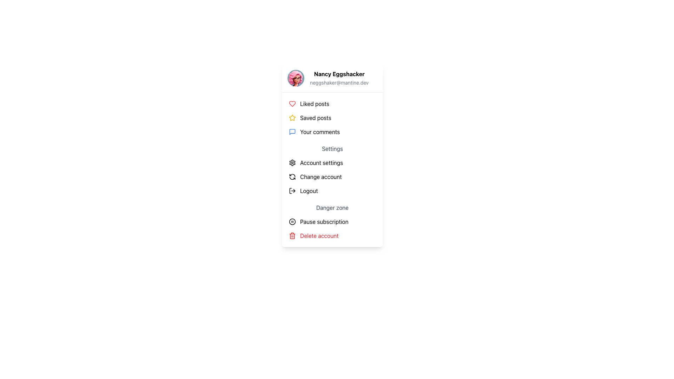  What do you see at coordinates (332, 177) in the screenshot?
I see `the Button-like menu item that allows users to change their account located in the settings menu, specifically the second item under the heading 'Settings'` at bounding box center [332, 177].